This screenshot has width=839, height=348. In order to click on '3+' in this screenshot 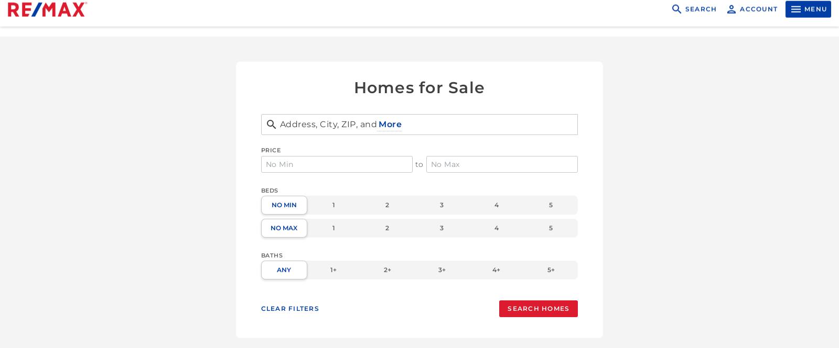, I will do `click(440, 270)`.